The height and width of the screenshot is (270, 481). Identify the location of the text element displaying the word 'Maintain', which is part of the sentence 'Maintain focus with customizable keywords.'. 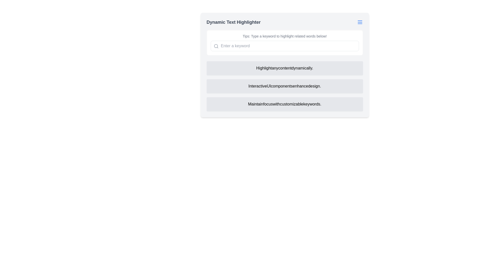
(256, 104).